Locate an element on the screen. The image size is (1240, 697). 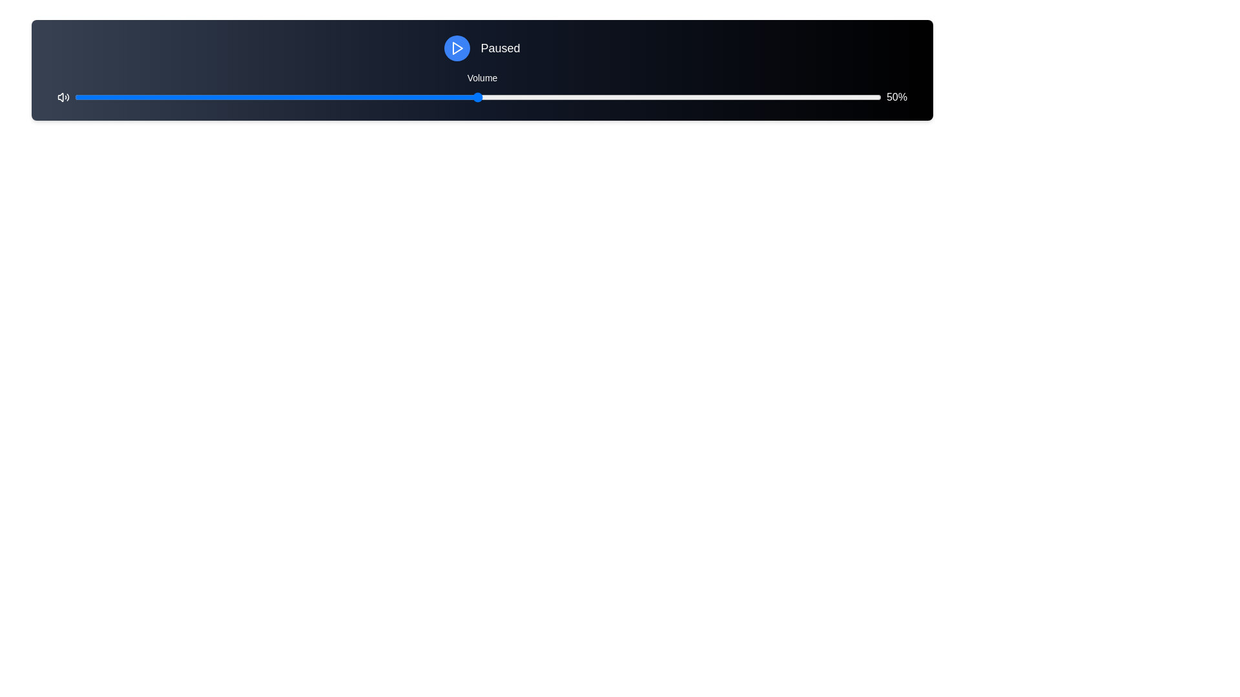
the volume is located at coordinates (147, 96).